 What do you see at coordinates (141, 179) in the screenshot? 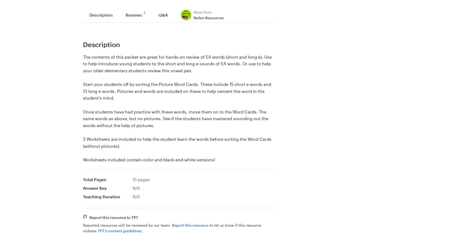
I see `'15 pages'` at bounding box center [141, 179].